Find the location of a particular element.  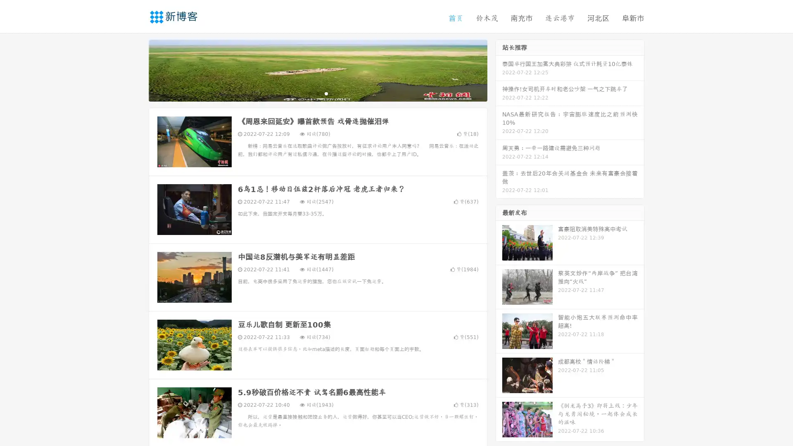

Previous slide is located at coordinates (136, 69).